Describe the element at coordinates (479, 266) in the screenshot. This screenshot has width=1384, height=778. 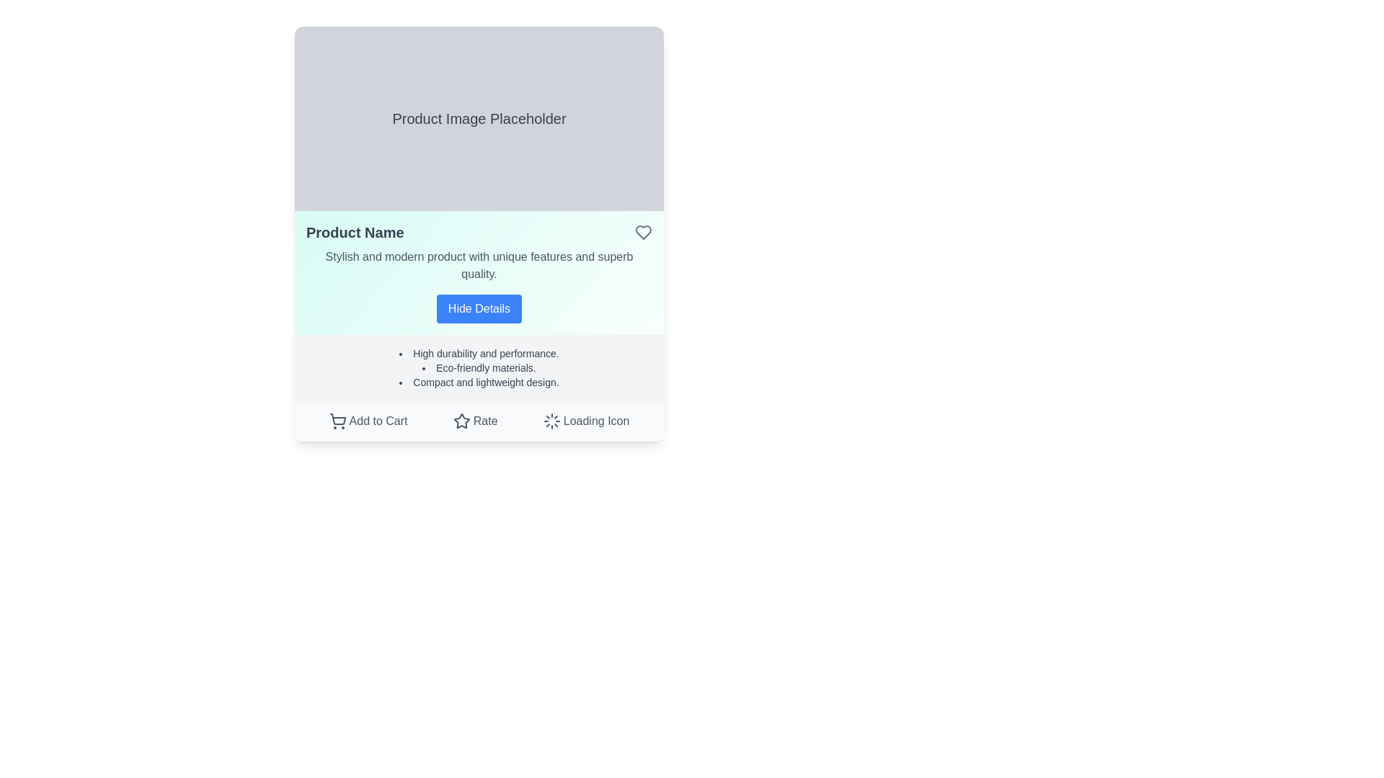
I see `the descriptive text element located directly below the 'Product Name' title and above the 'Hide Details' button` at that location.